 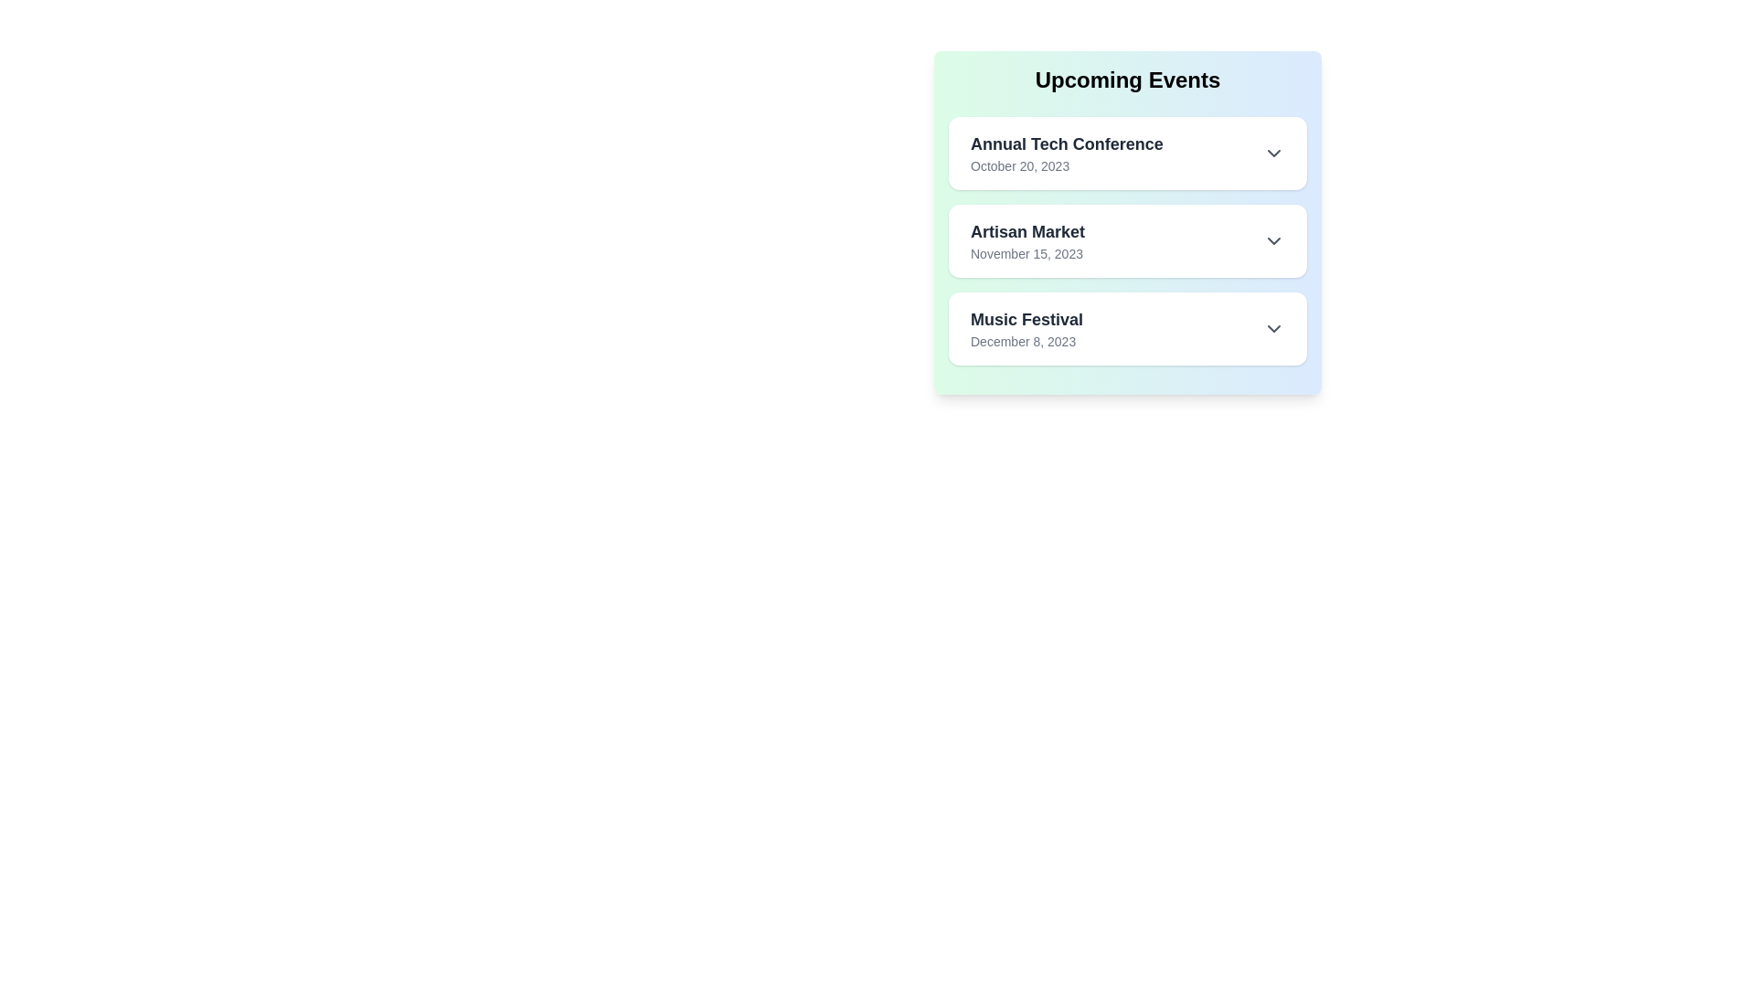 I want to click on the Text element that provides information about the 'Music Festival' event located at the bottom of the 'Upcoming Events' card, so click(x=1026, y=327).